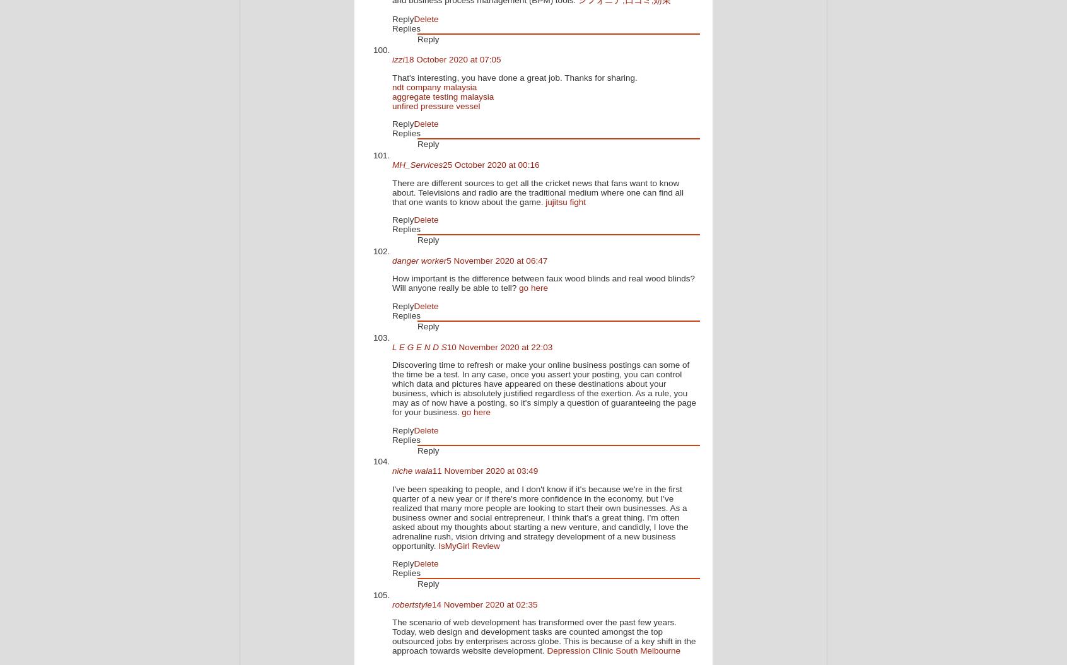 The height and width of the screenshot is (665, 1067). What do you see at coordinates (496, 259) in the screenshot?
I see `'5 November 2020 at 06:47'` at bounding box center [496, 259].